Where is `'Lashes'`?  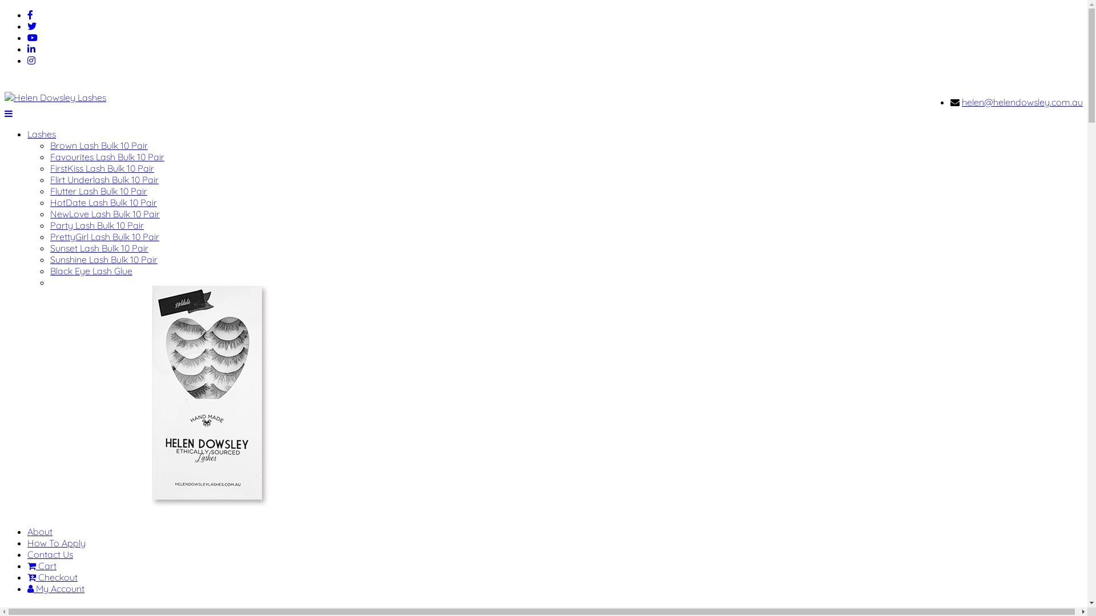 'Lashes' is located at coordinates (41, 133).